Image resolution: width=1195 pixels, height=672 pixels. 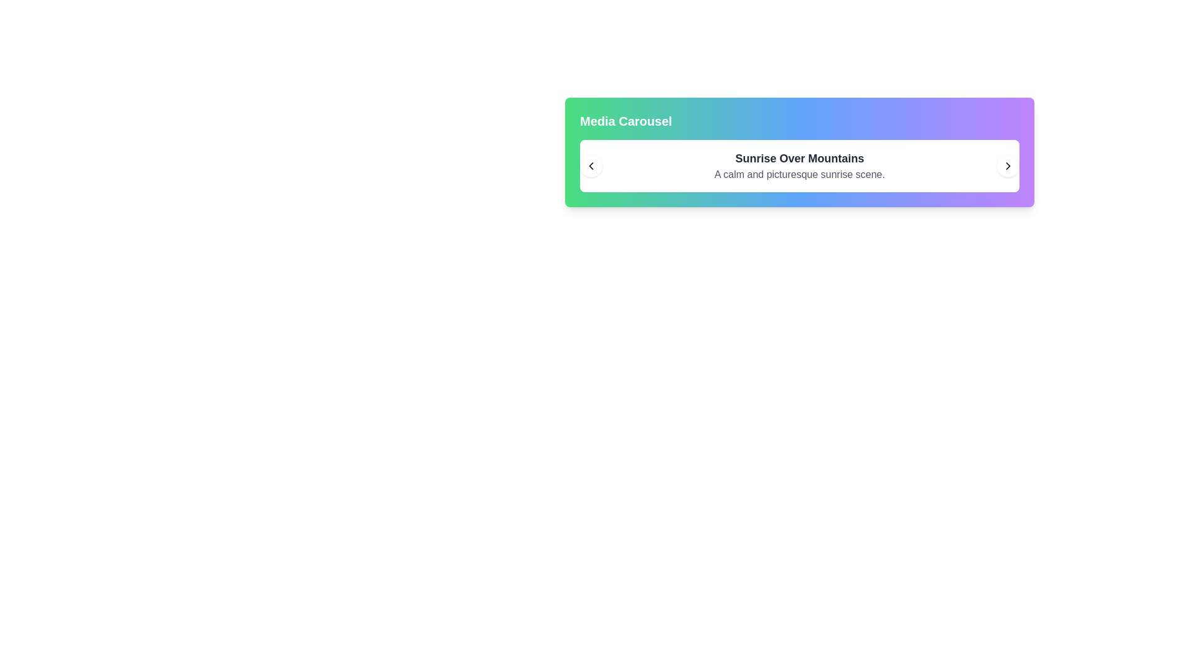 I want to click on the right navigation button in the media carousel, so click(x=1008, y=165).